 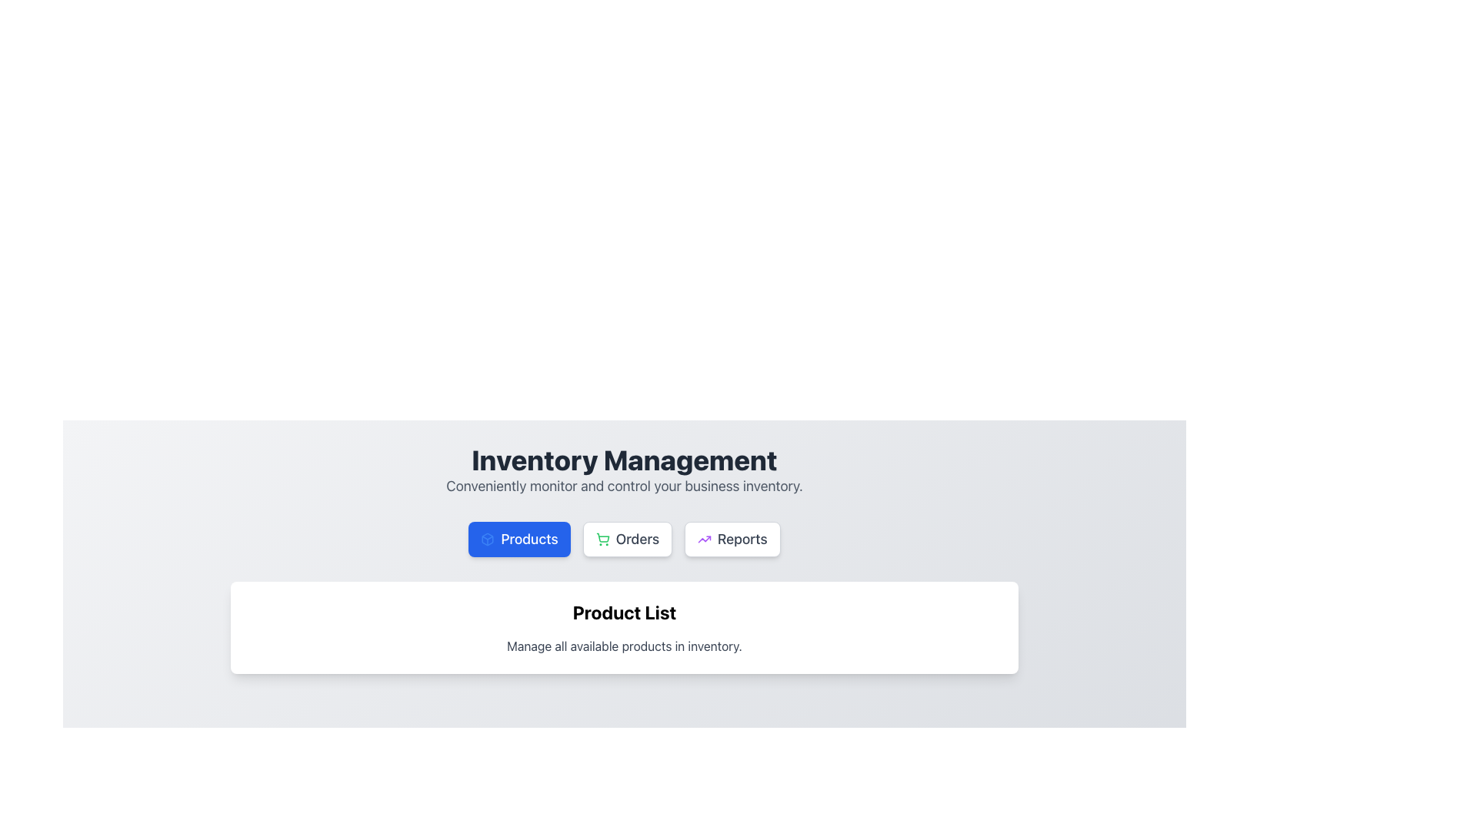 I want to click on instructional text about managing products in inventory, which is positioned directly beneath the heading 'Product List.', so click(x=624, y=646).